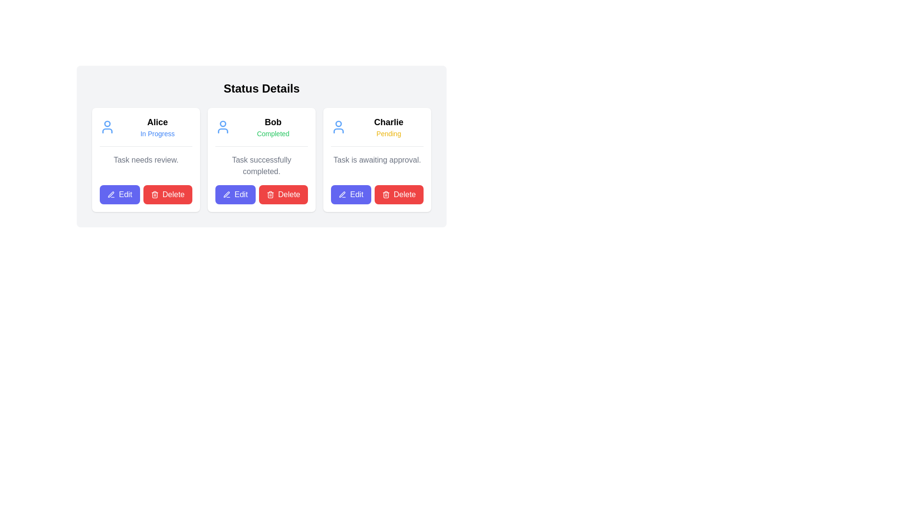 The image size is (921, 518). I want to click on the text label that displays 'Task needs review.' in gray color, located below 'Alice' and 'In Progress' in the 'Status Details' section, so click(145, 165).